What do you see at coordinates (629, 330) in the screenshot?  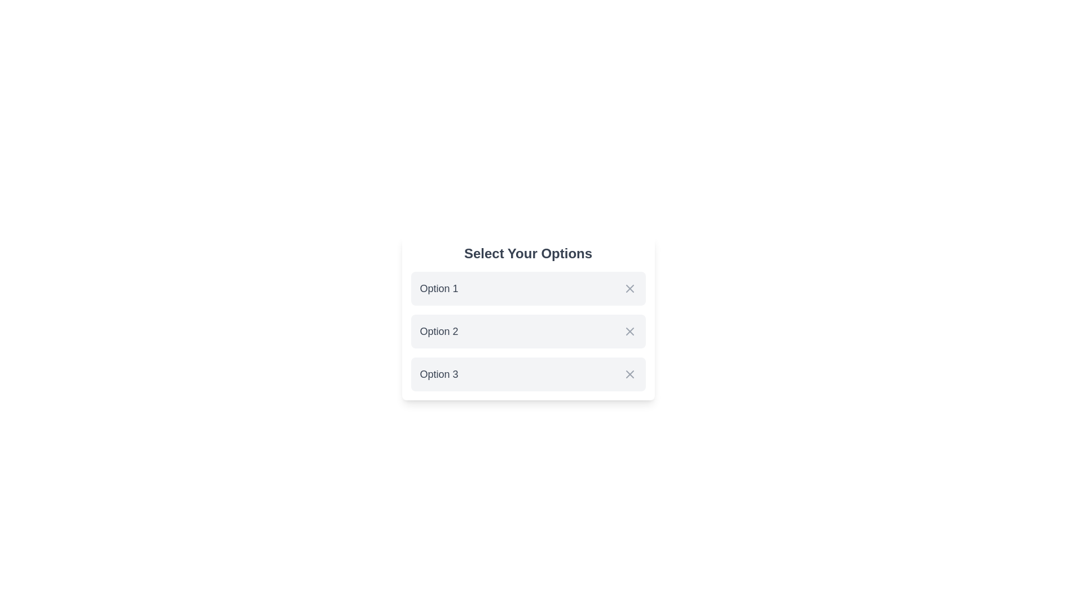 I see `the 'X' icon button styled as a close symbol located in the middle right of the row labeled 'Option 2', which is the third icon in the sequence` at bounding box center [629, 330].